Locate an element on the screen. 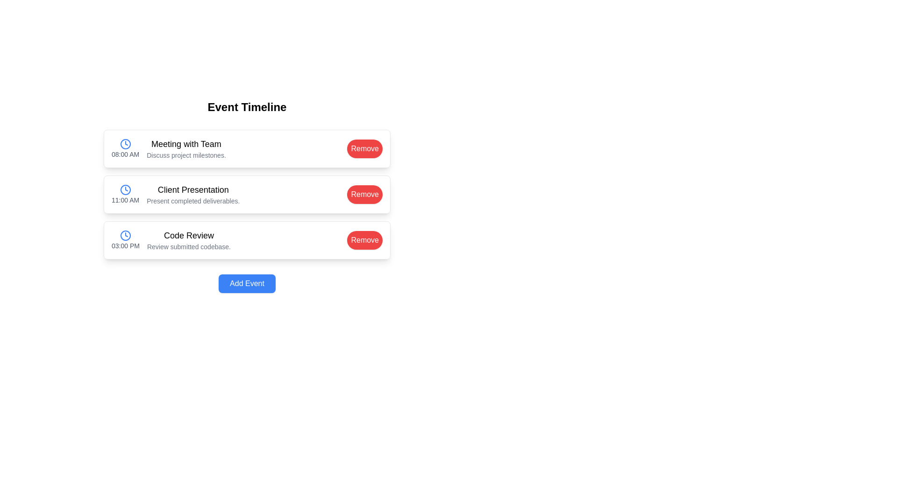 The width and height of the screenshot is (897, 504). the delete button located on the right side of the first row in the 'Event Timeline' list to change its color is located at coordinates (364, 148).